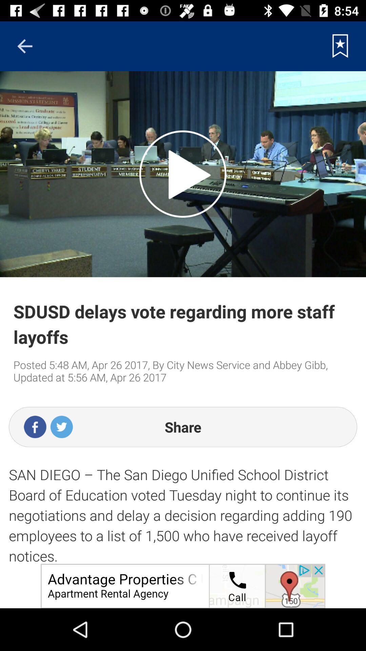 This screenshot has height=651, width=366. Describe the element at coordinates (340, 46) in the screenshot. I see `current news` at that location.